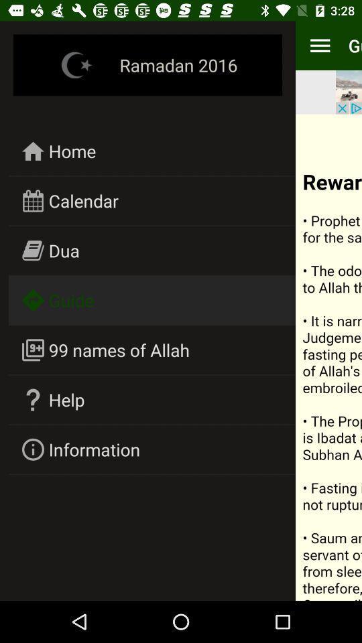  What do you see at coordinates (349, 91) in the screenshot?
I see `the item to the right of ramadan 2016 icon` at bounding box center [349, 91].